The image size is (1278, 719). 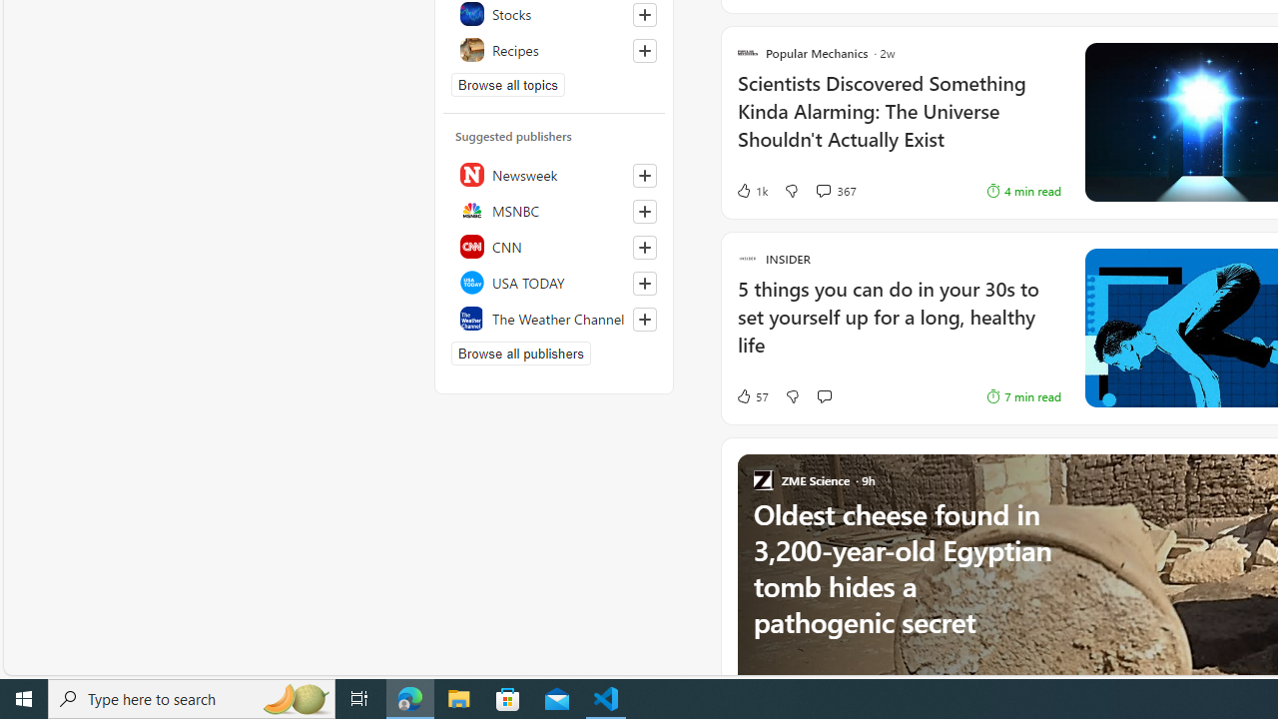 What do you see at coordinates (644, 319) in the screenshot?
I see `'Follow this source'` at bounding box center [644, 319].